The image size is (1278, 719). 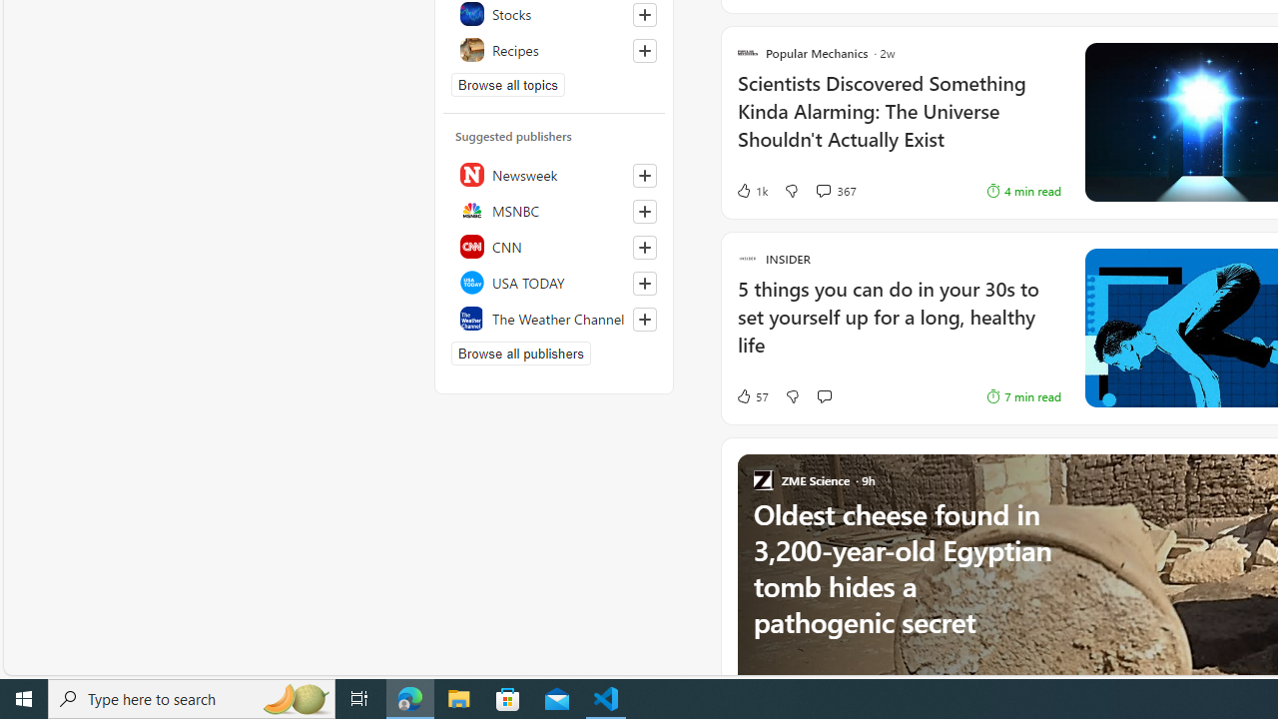 What do you see at coordinates (644, 319) in the screenshot?
I see `'Follow this source'` at bounding box center [644, 319].